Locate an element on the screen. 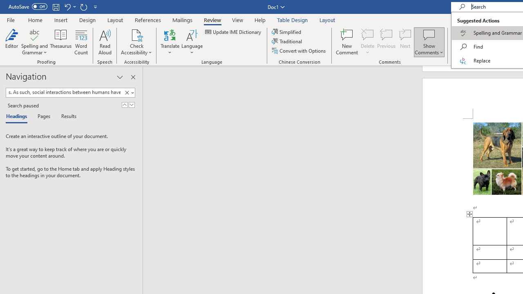 The image size is (523, 294). 'Clear' is located at coordinates (128, 92).